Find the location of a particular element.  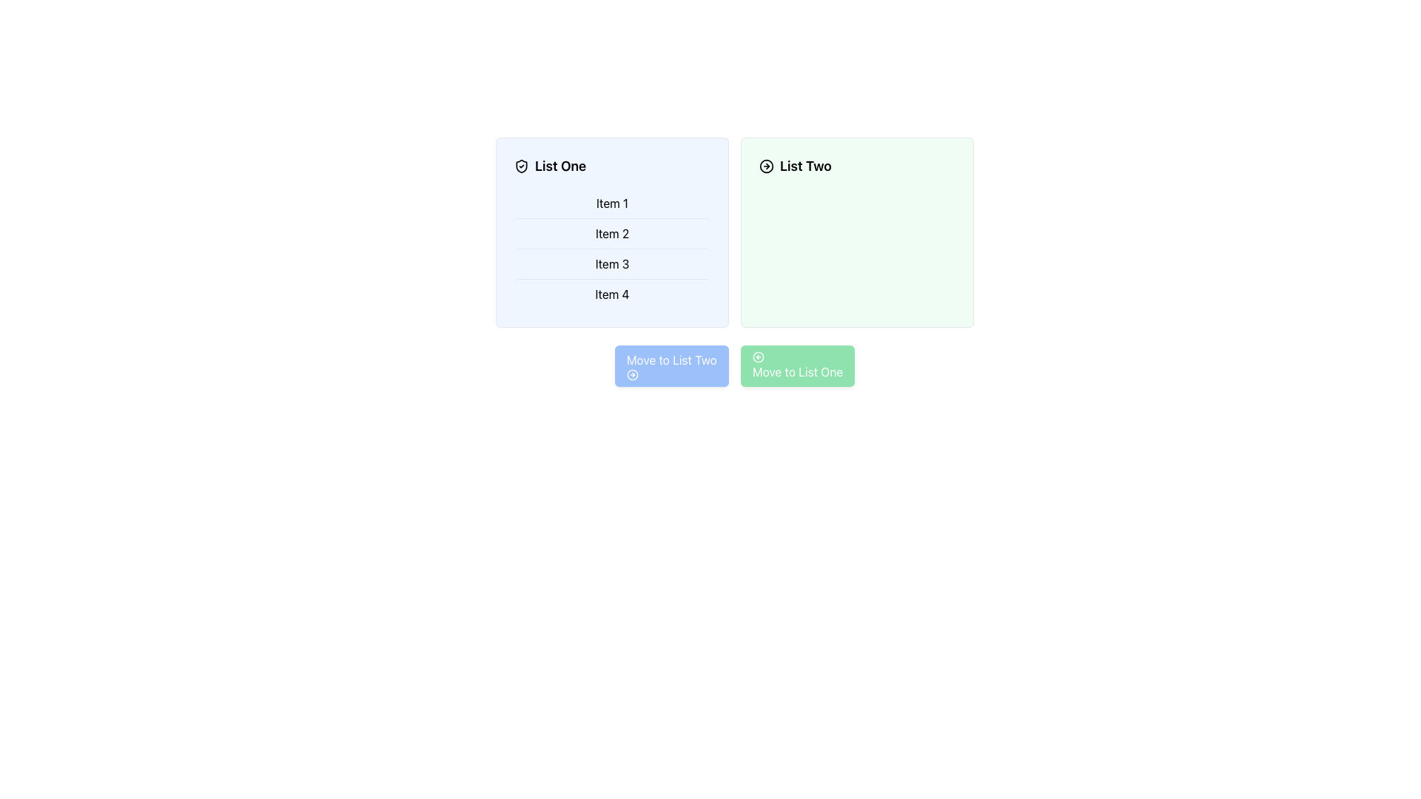

the SVG icon that is a circle enclosing an arrow pointing to the right, located above the 'List Two' header is located at coordinates (767, 166).